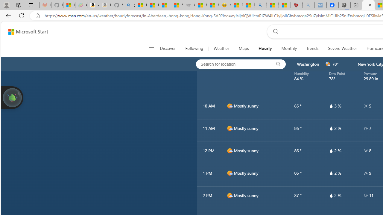  I want to click on 'Trends', so click(312, 48).